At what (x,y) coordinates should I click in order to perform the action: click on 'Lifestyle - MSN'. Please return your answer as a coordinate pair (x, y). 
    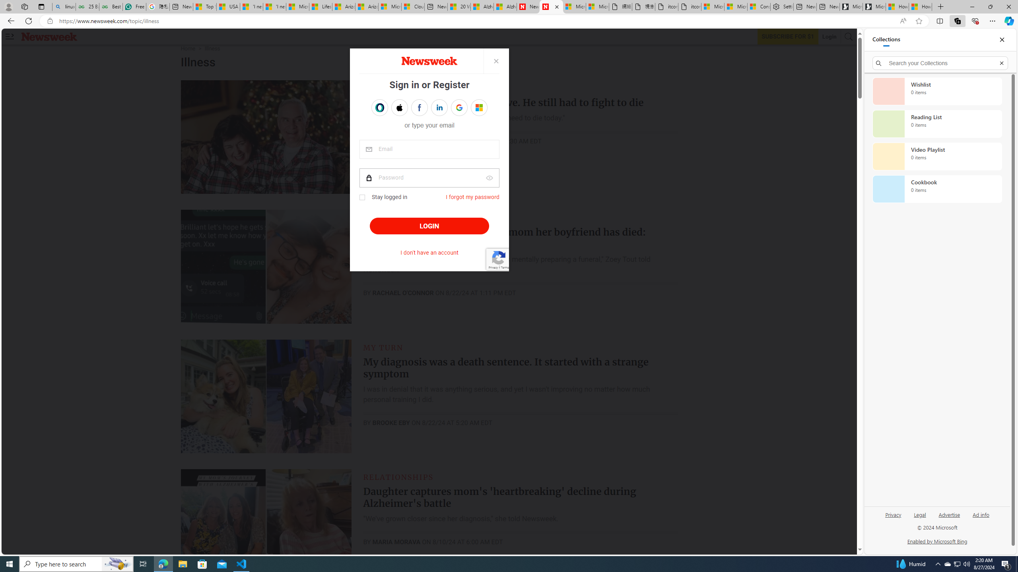
    Looking at the image, I should click on (321, 6).